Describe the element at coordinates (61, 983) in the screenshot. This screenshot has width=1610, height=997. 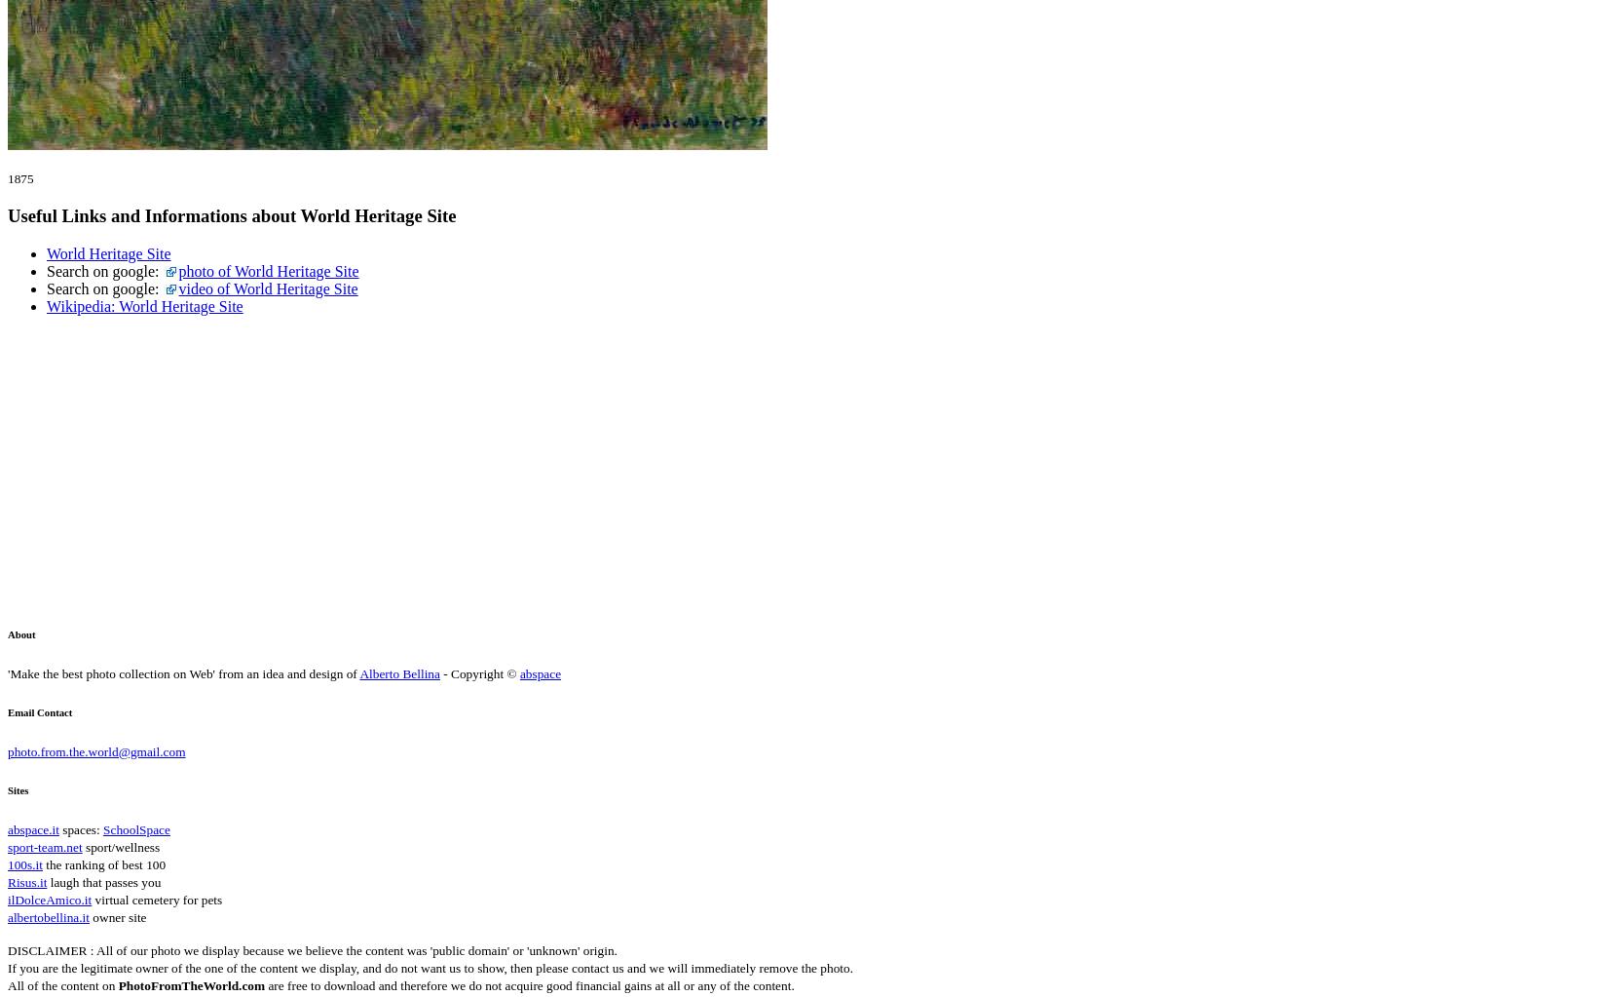
I see `'All of the content on'` at that location.